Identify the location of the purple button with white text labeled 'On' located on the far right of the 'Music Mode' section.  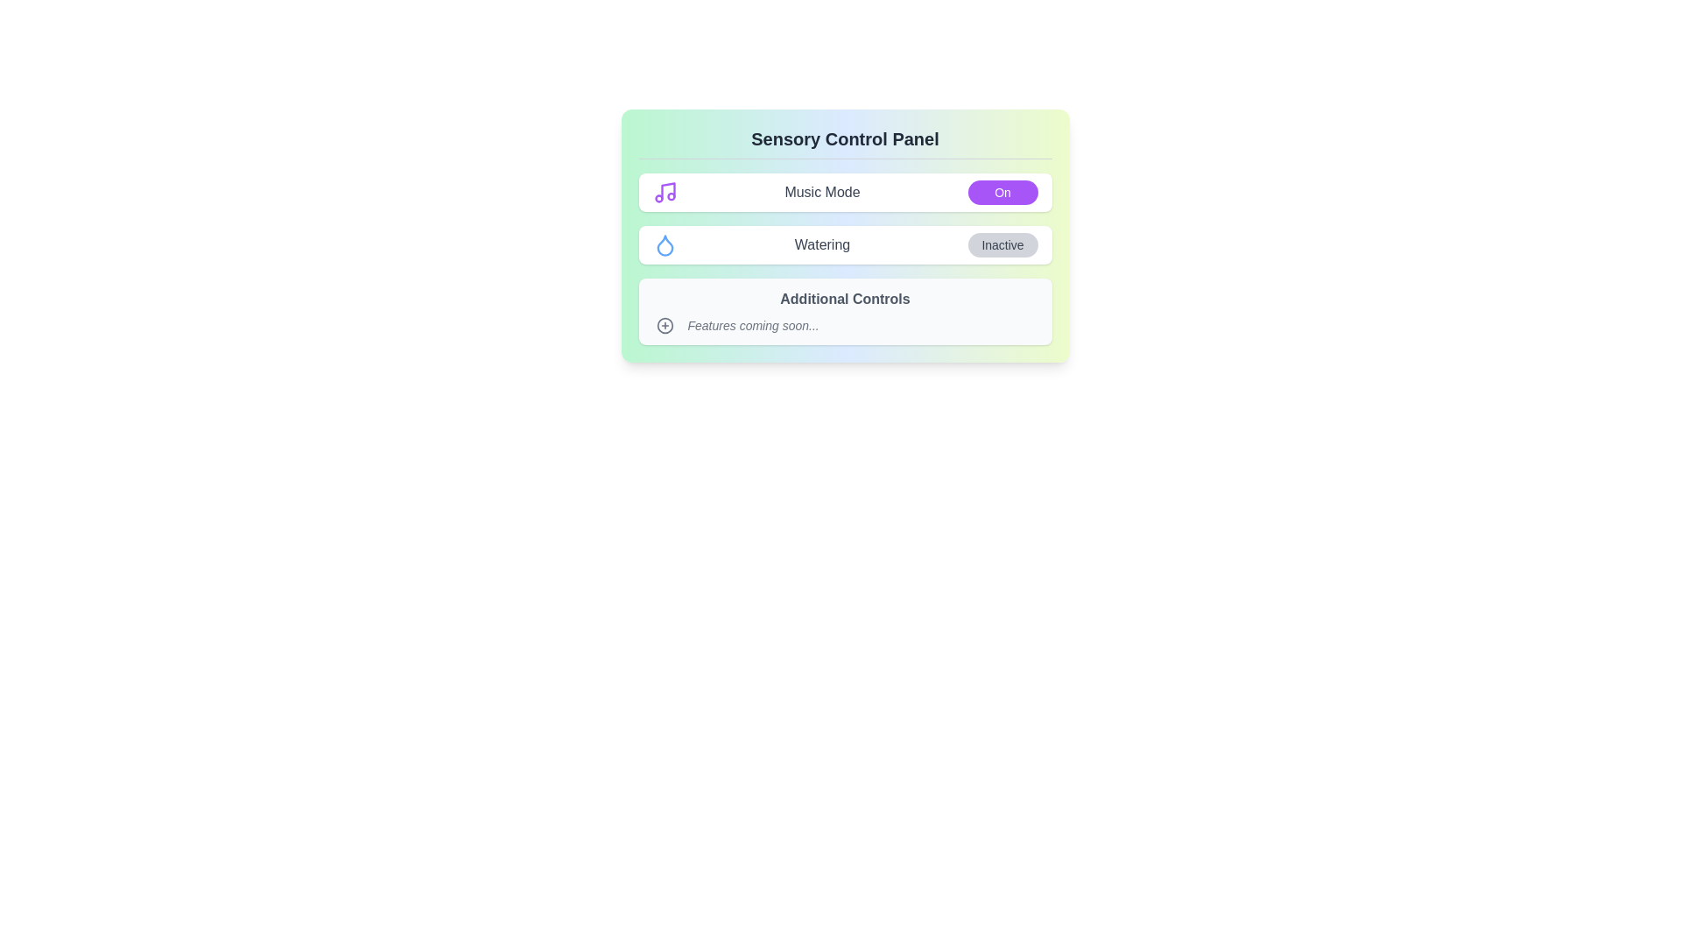
(1002, 192).